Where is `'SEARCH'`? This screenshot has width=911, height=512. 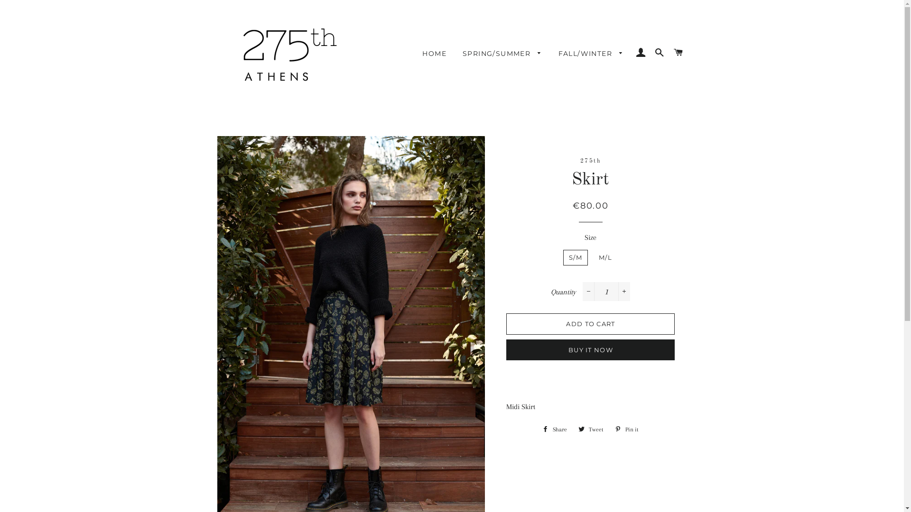 'SEARCH' is located at coordinates (659, 53).